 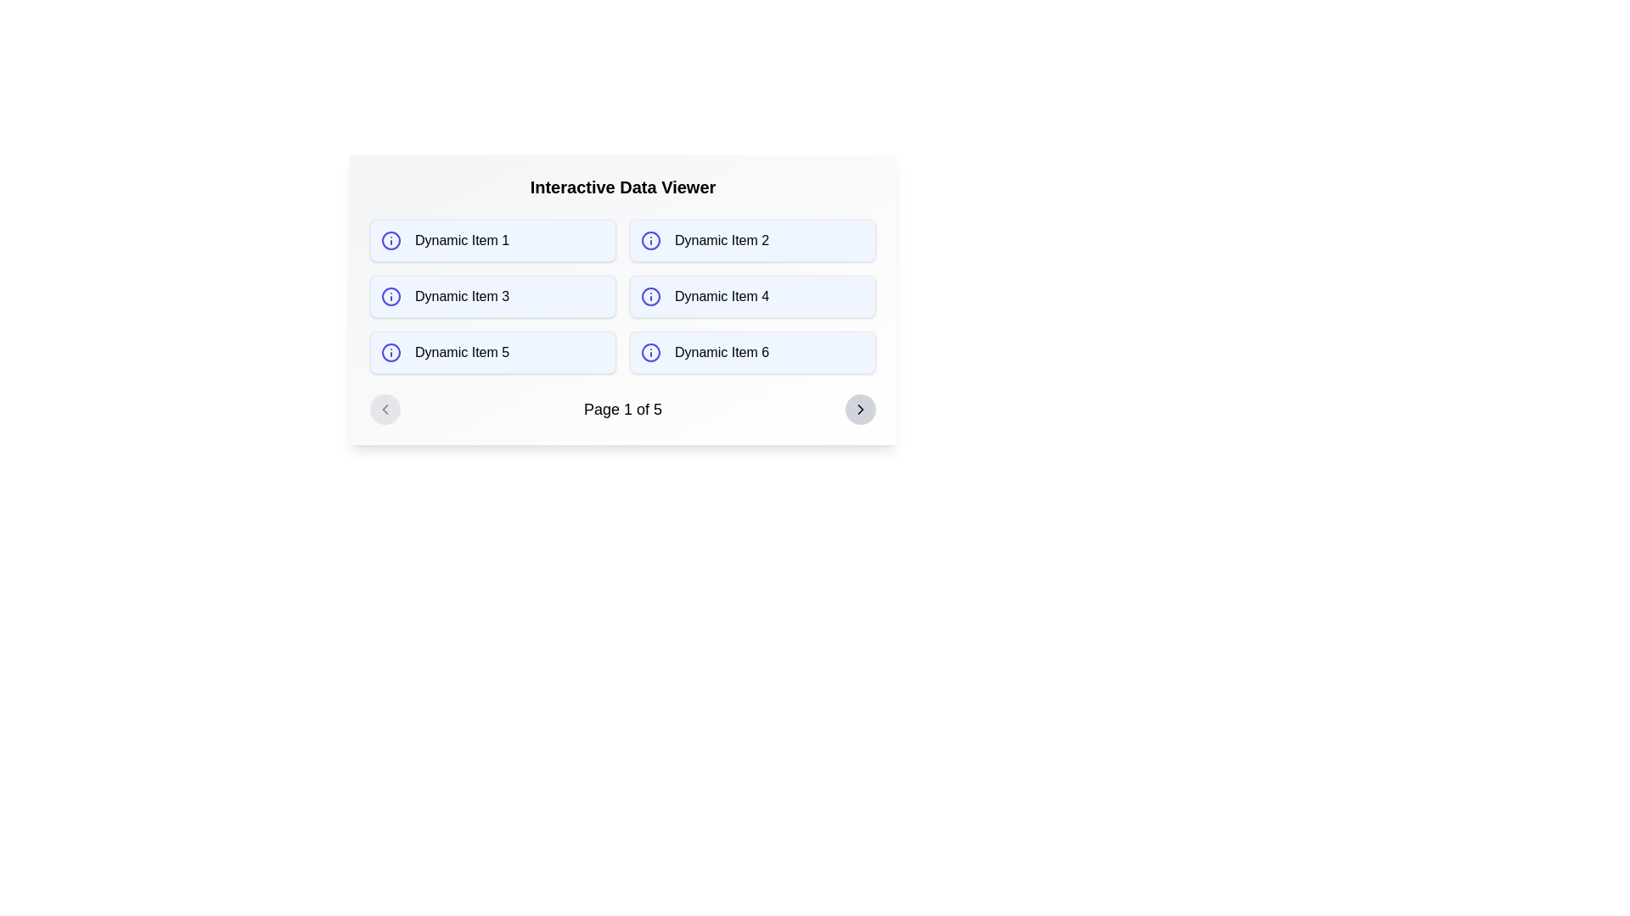 What do you see at coordinates (860, 409) in the screenshot?
I see `the rightmost pagination button` at bounding box center [860, 409].